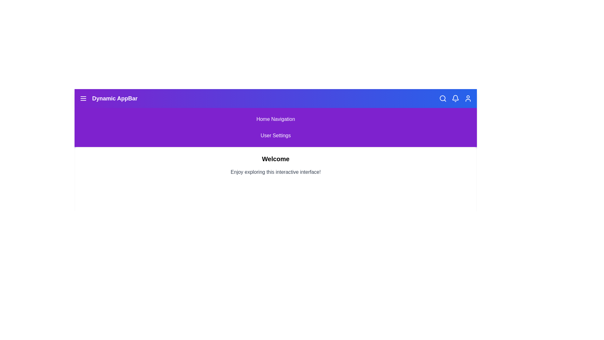 The image size is (604, 340). What do you see at coordinates (442, 98) in the screenshot?
I see `the 'Search' icon in the navigation bar` at bounding box center [442, 98].